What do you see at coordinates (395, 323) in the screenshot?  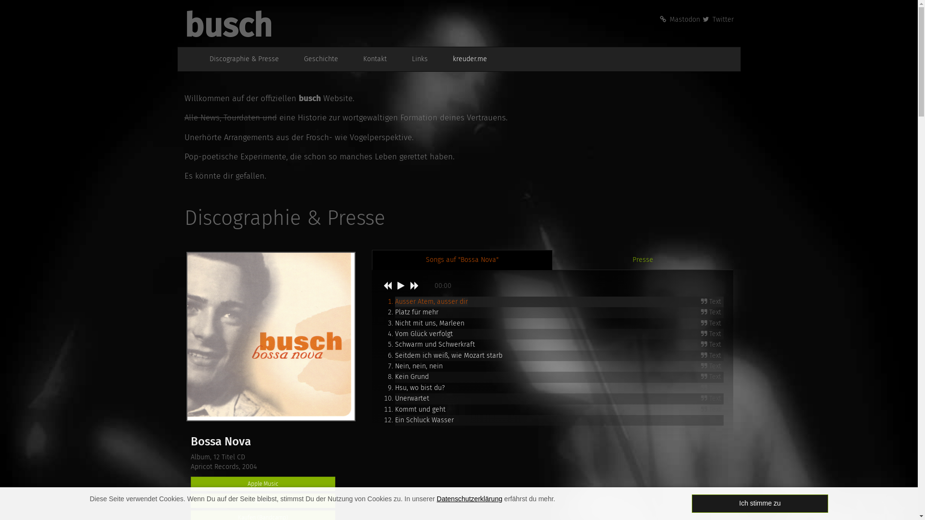 I see `'Nicht mit uns, Marleen'` at bounding box center [395, 323].